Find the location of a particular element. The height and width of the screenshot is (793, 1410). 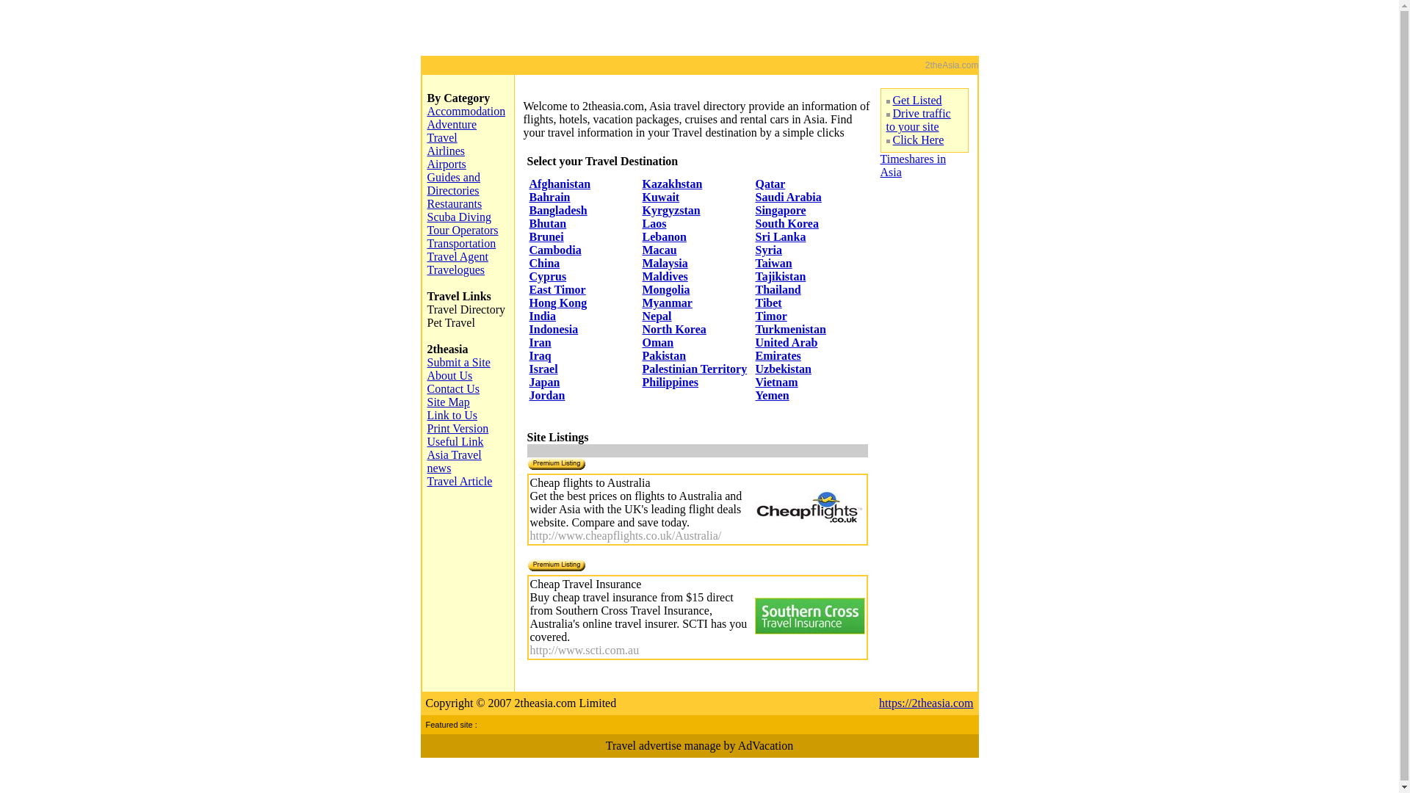

'Timeshares in Asia' is located at coordinates (912, 165).